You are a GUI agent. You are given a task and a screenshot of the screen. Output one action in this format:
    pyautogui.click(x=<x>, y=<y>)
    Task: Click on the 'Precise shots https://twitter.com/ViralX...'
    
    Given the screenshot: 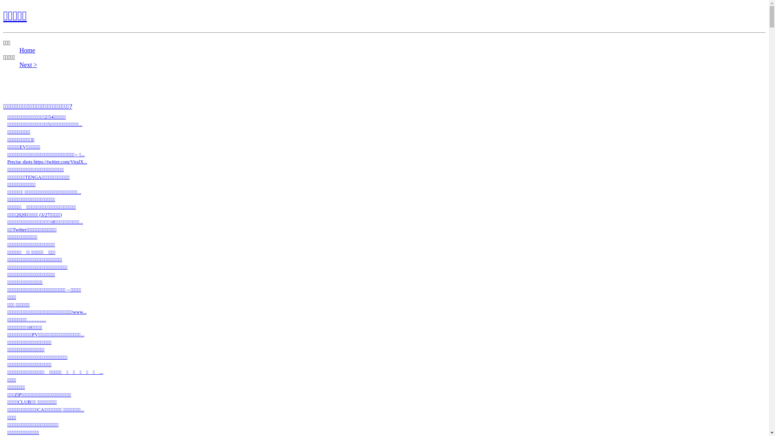 What is the action you would take?
    pyautogui.click(x=46, y=162)
    